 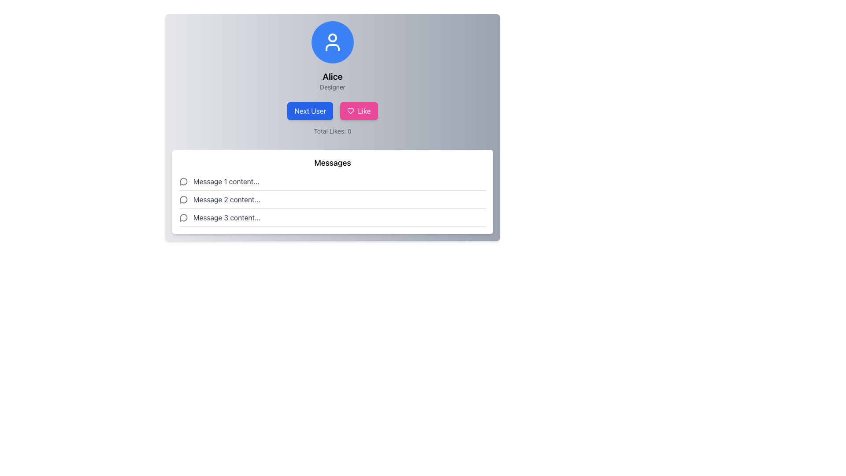 I want to click on the static text element displaying 'Total Likes: 0', which is styled with a small font size and gray color, located below the 'Next User' and 'Like' buttons, so click(x=332, y=131).